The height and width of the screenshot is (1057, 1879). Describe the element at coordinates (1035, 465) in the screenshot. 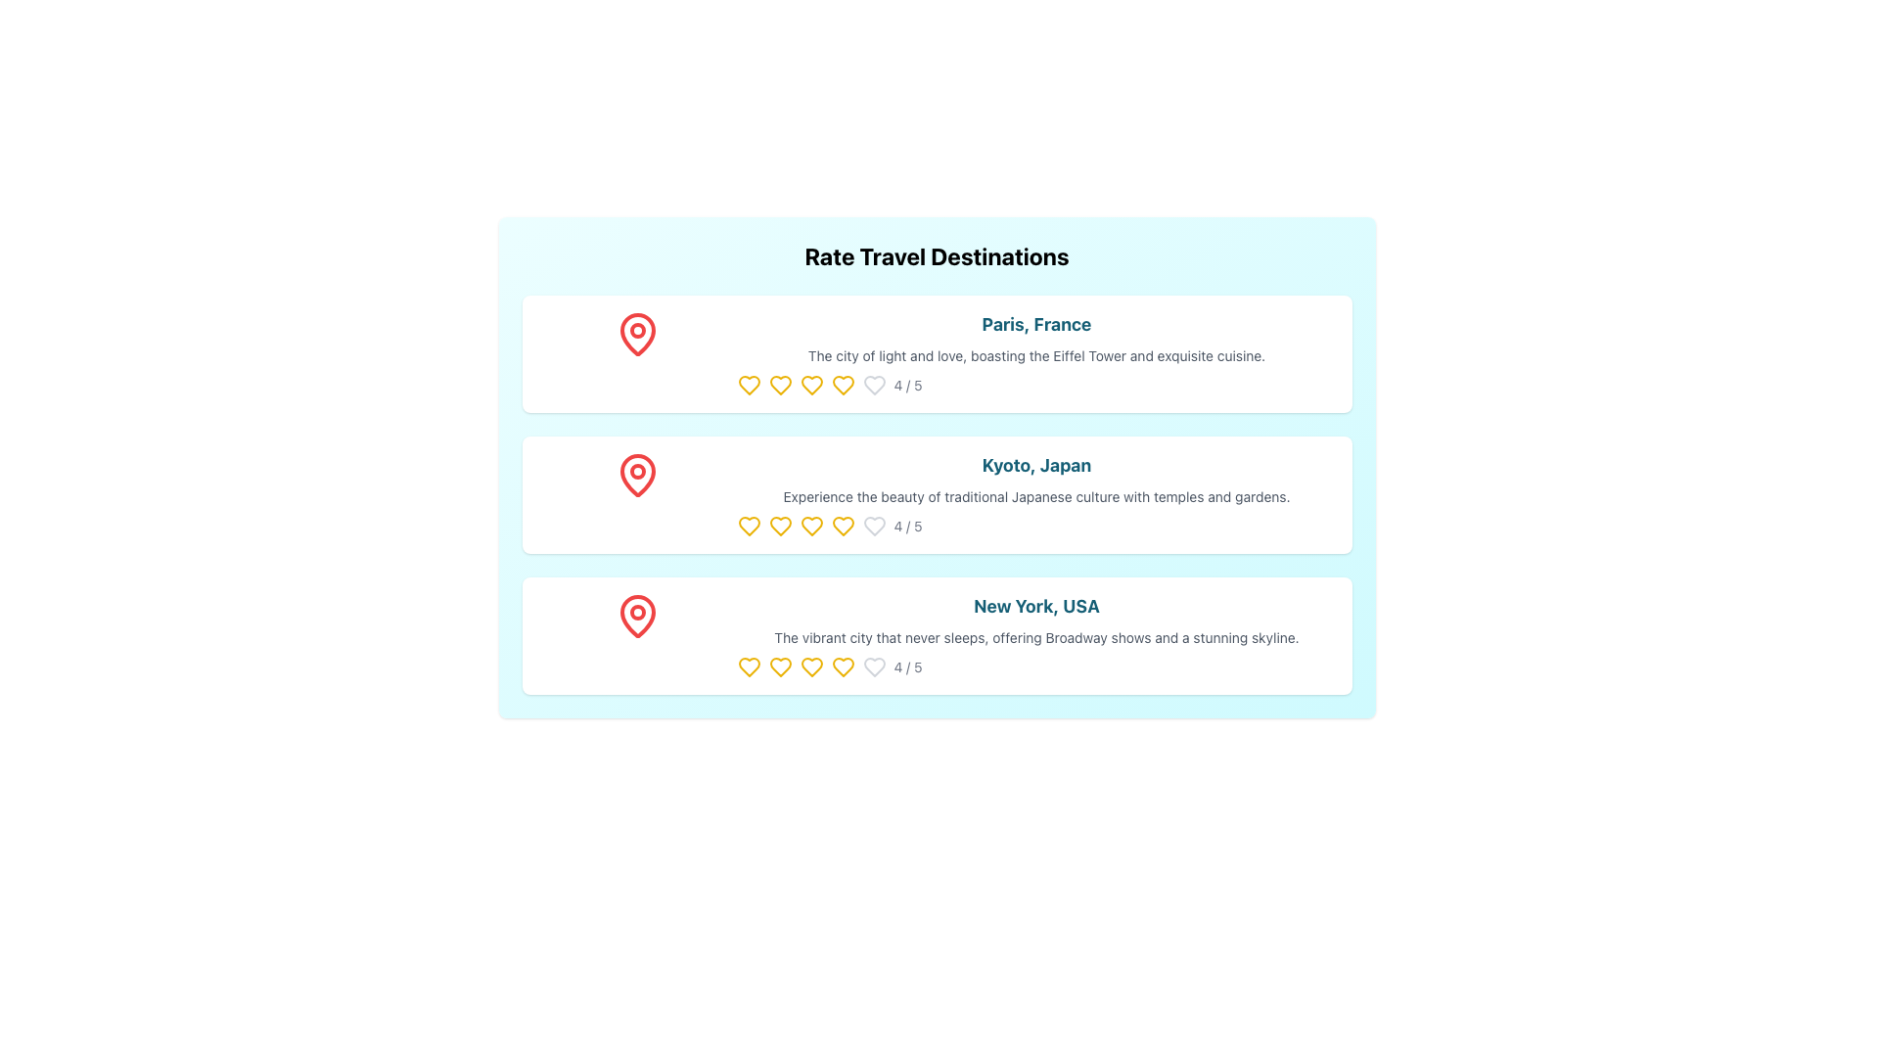

I see `text label displaying 'Kyoto, Japan', which is prominently styled in bold cyan font and located centrally in the second entry of a list of travel destinations` at that location.